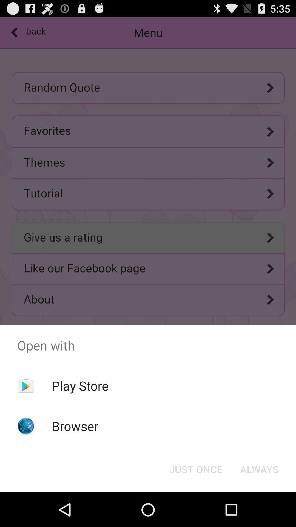  I want to click on always, so click(259, 469).